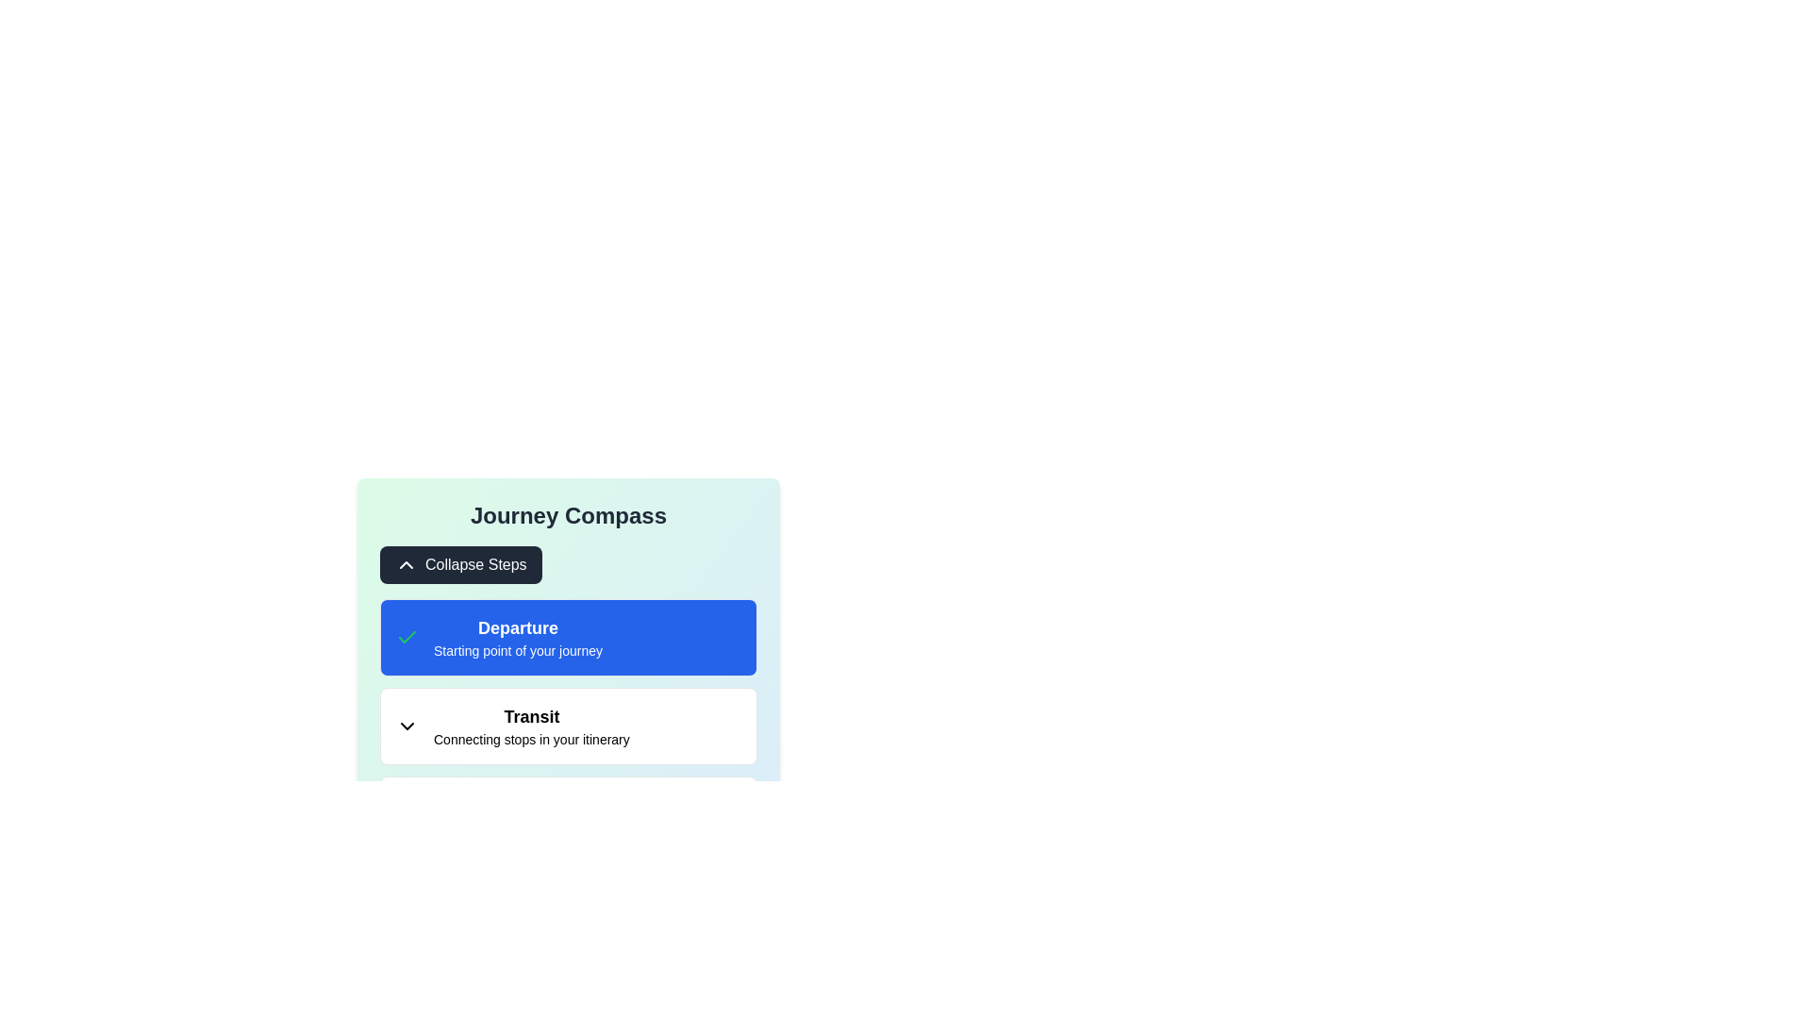  I want to click on the upward-pointing chevron icon vector graphic located to the left of the 'Collapse Steps' text, so click(406, 563).